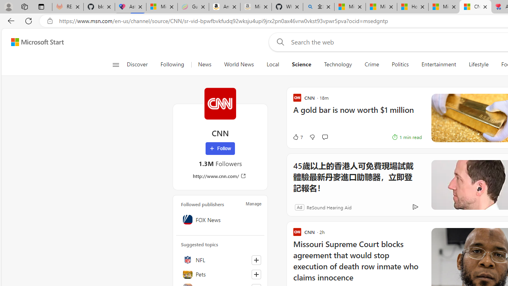 This screenshot has width=508, height=286. I want to click on 'Skip to footer', so click(32, 42).